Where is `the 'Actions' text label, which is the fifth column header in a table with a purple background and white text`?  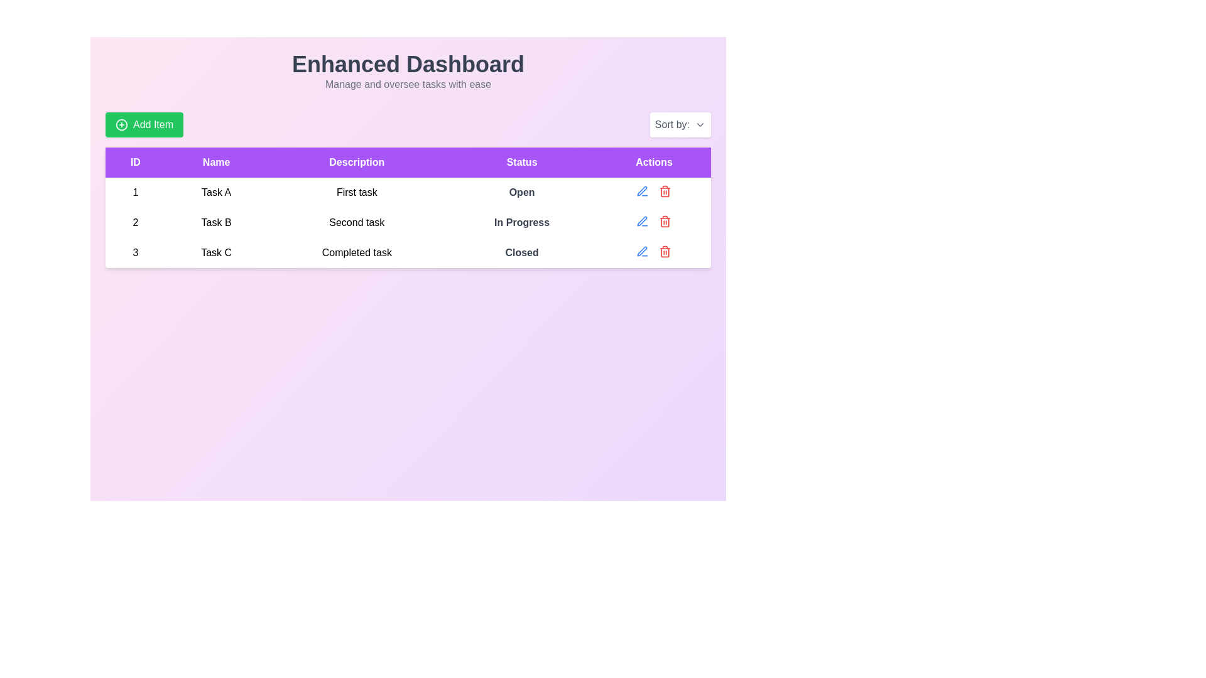 the 'Actions' text label, which is the fifth column header in a table with a purple background and white text is located at coordinates (653, 161).